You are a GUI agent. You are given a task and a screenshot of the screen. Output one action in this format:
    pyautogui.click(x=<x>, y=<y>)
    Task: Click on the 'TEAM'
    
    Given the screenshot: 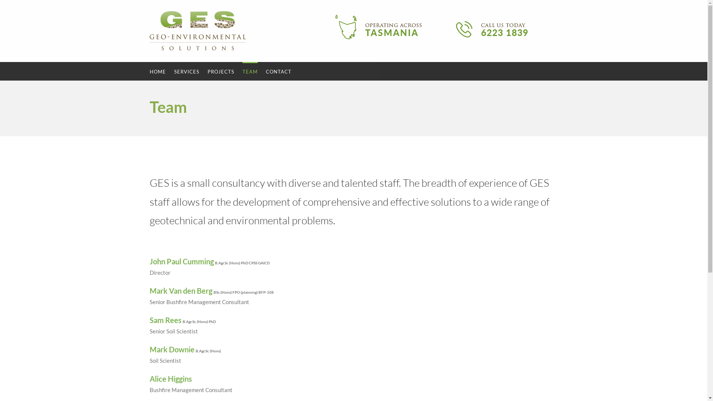 What is the action you would take?
    pyautogui.click(x=250, y=71)
    